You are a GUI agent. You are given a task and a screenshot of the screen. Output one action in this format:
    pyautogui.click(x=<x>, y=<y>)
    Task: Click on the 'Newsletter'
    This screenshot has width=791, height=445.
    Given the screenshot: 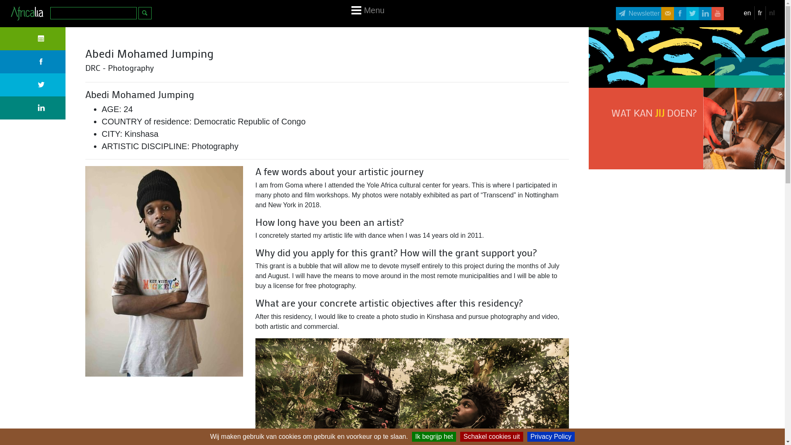 What is the action you would take?
    pyautogui.click(x=638, y=14)
    